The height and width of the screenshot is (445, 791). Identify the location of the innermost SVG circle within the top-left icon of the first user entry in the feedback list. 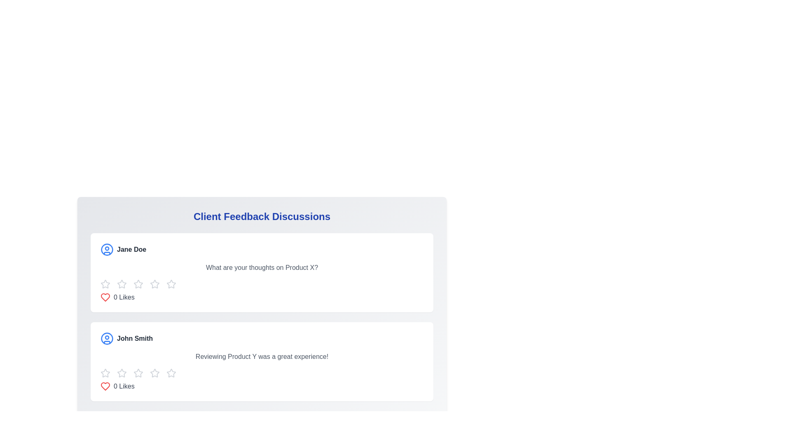
(106, 249).